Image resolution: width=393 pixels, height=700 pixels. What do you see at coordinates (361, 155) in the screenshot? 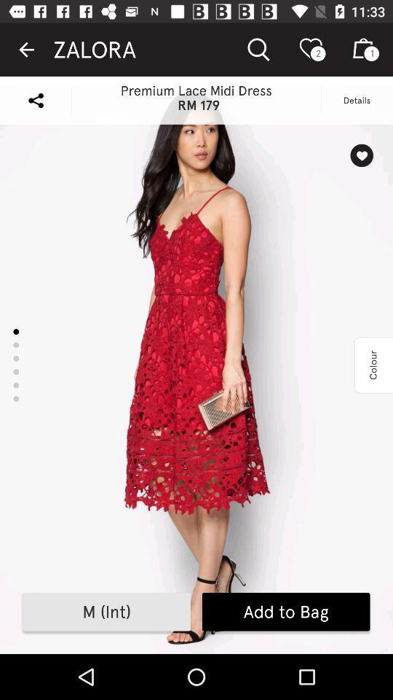
I see `the favorite icon` at bounding box center [361, 155].